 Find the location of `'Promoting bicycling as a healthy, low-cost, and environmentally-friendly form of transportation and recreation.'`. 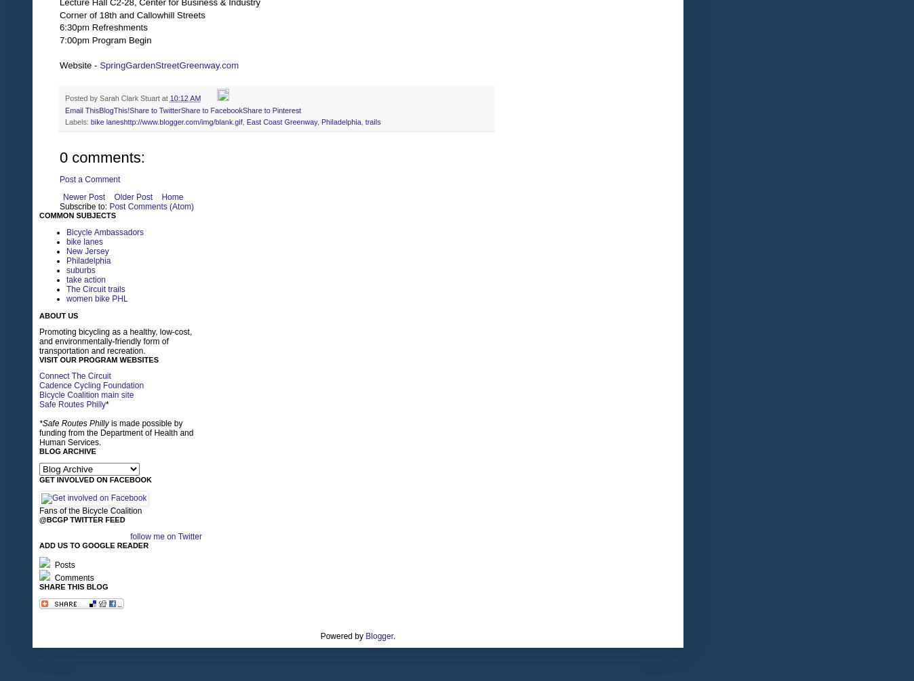

'Promoting bicycling as a healthy, low-cost, and environmentally-friendly form of transportation and recreation.' is located at coordinates (115, 341).